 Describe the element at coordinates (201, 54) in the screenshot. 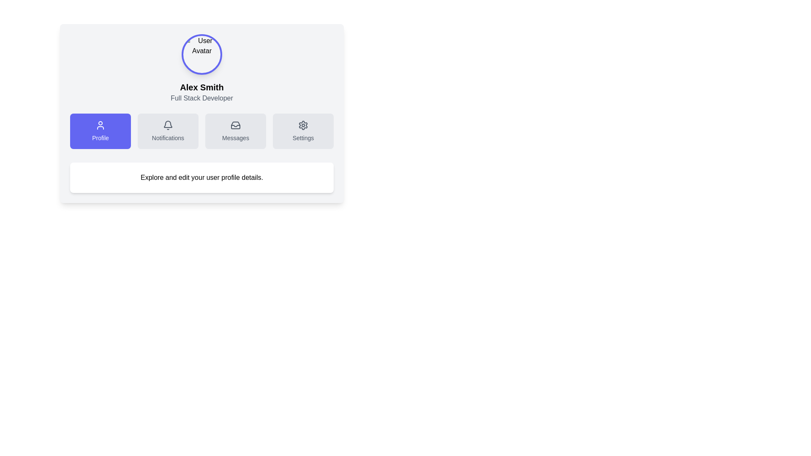

I see `the circular image element with a blue border and shadow effect, which serves as the user avatar, located at the center top of the card layout` at that location.